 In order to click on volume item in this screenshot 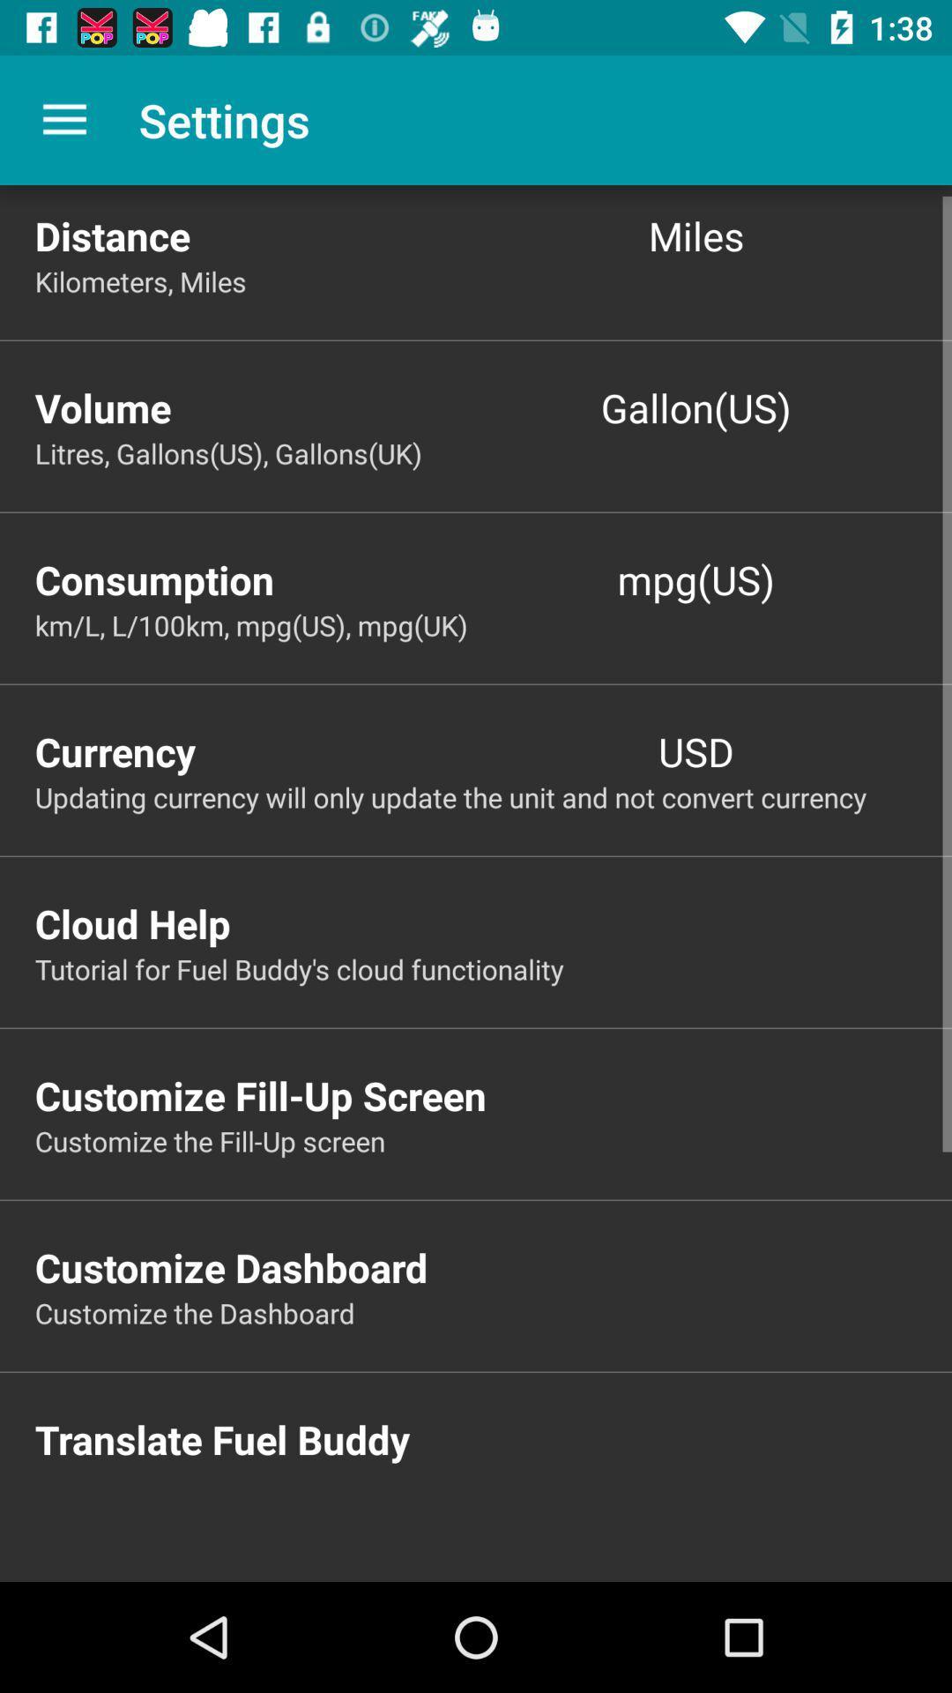, I will do `click(255, 406)`.